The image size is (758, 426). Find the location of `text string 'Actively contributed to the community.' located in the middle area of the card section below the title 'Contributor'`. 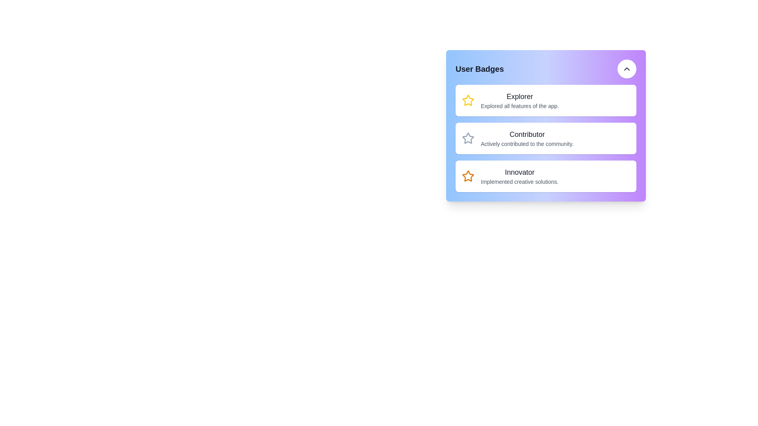

text string 'Actively contributed to the community.' located in the middle area of the card section below the title 'Contributor' is located at coordinates (527, 144).